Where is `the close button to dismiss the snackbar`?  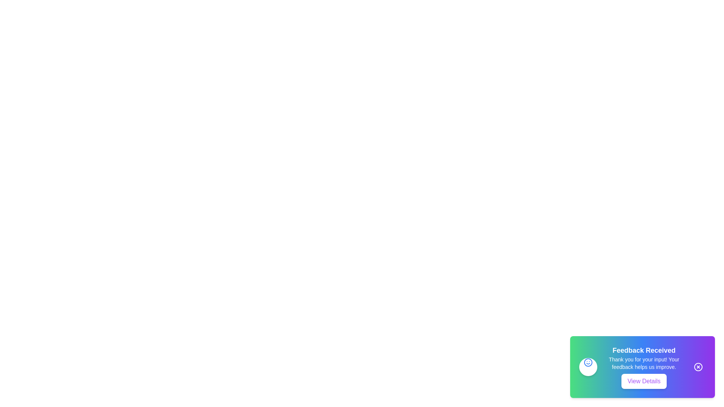 the close button to dismiss the snackbar is located at coordinates (698, 367).